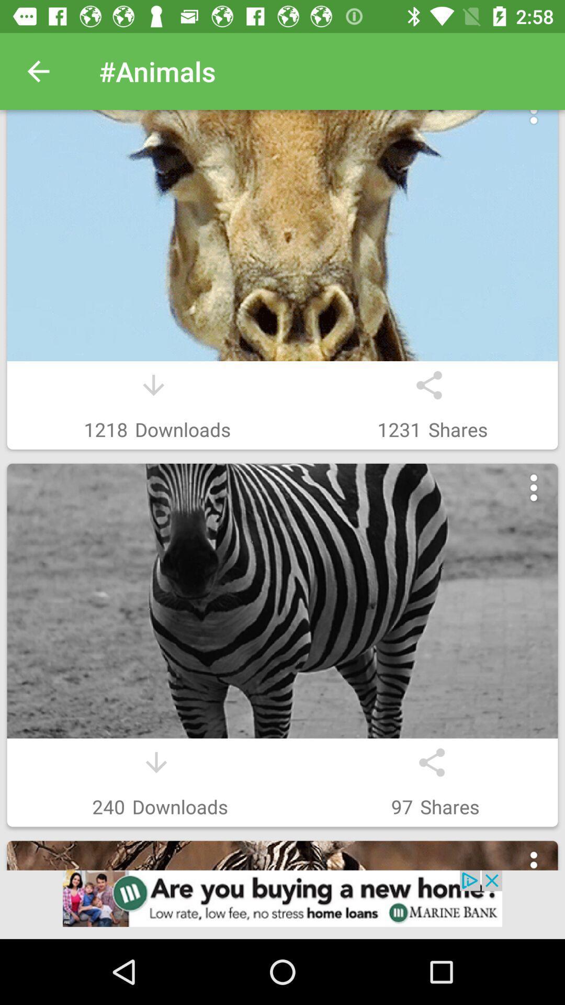 The height and width of the screenshot is (1005, 565). What do you see at coordinates (282, 904) in the screenshot?
I see `click on advertisement` at bounding box center [282, 904].